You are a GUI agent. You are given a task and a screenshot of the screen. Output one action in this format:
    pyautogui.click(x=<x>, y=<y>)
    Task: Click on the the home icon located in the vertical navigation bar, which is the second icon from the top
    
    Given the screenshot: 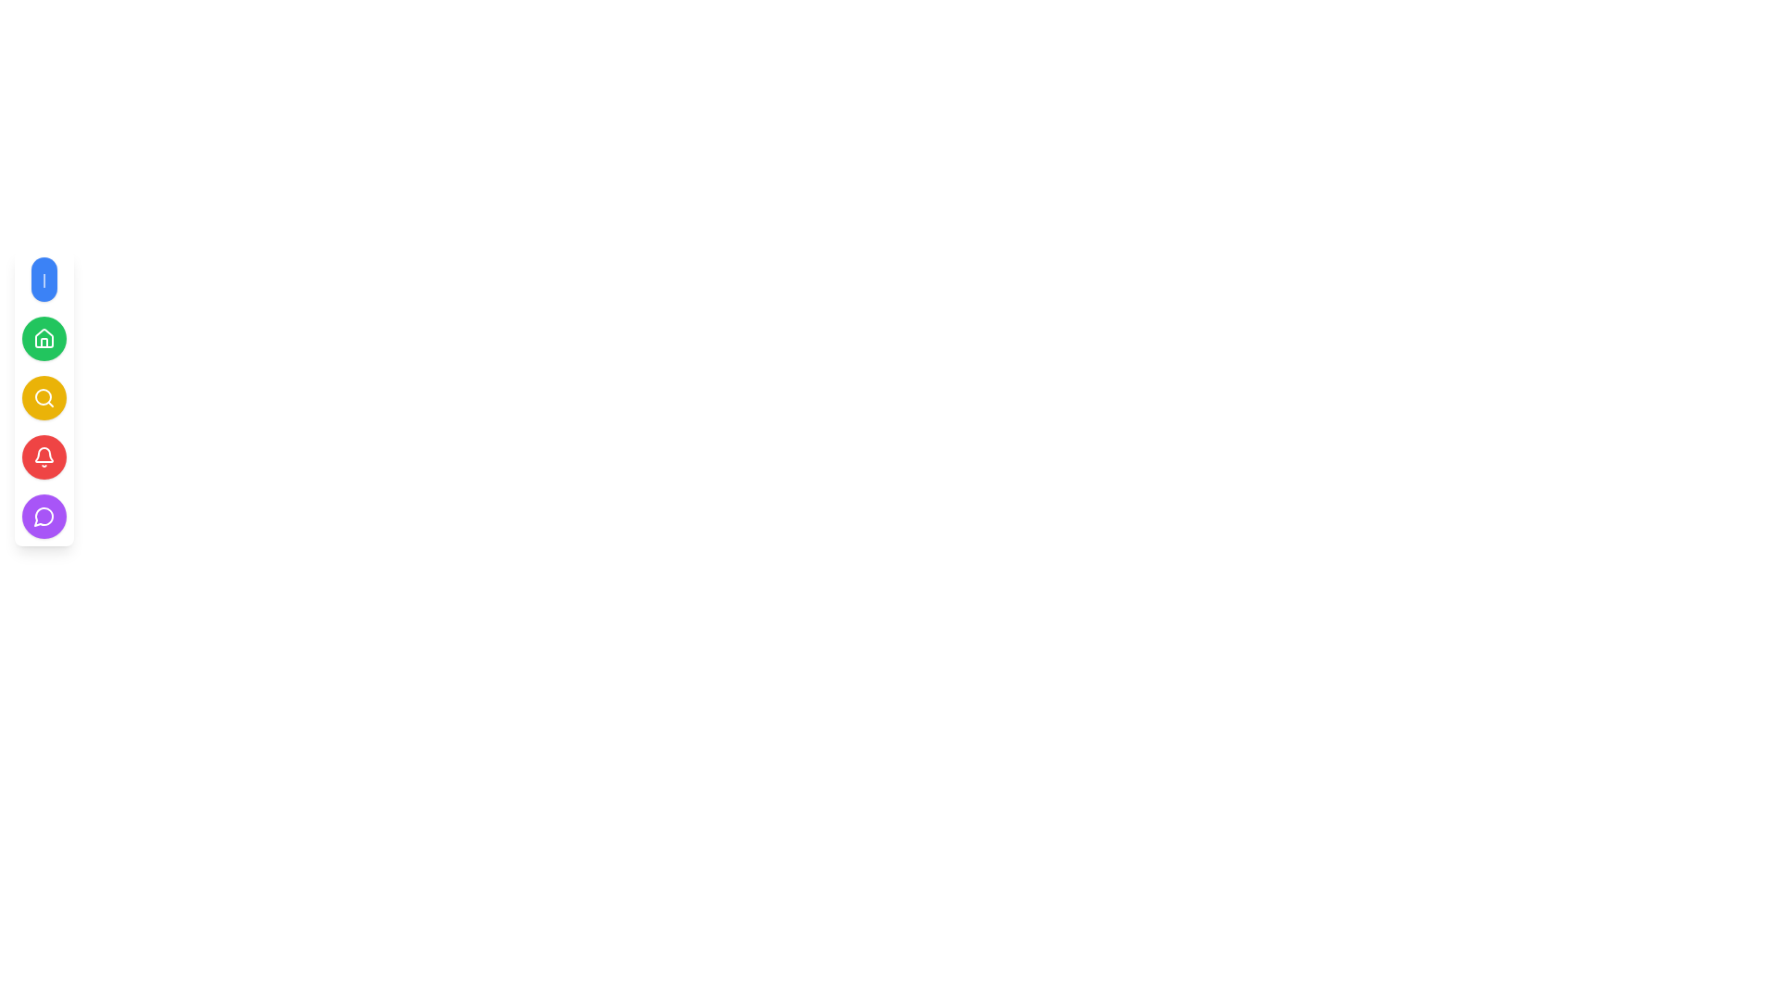 What is the action you would take?
    pyautogui.click(x=44, y=338)
    